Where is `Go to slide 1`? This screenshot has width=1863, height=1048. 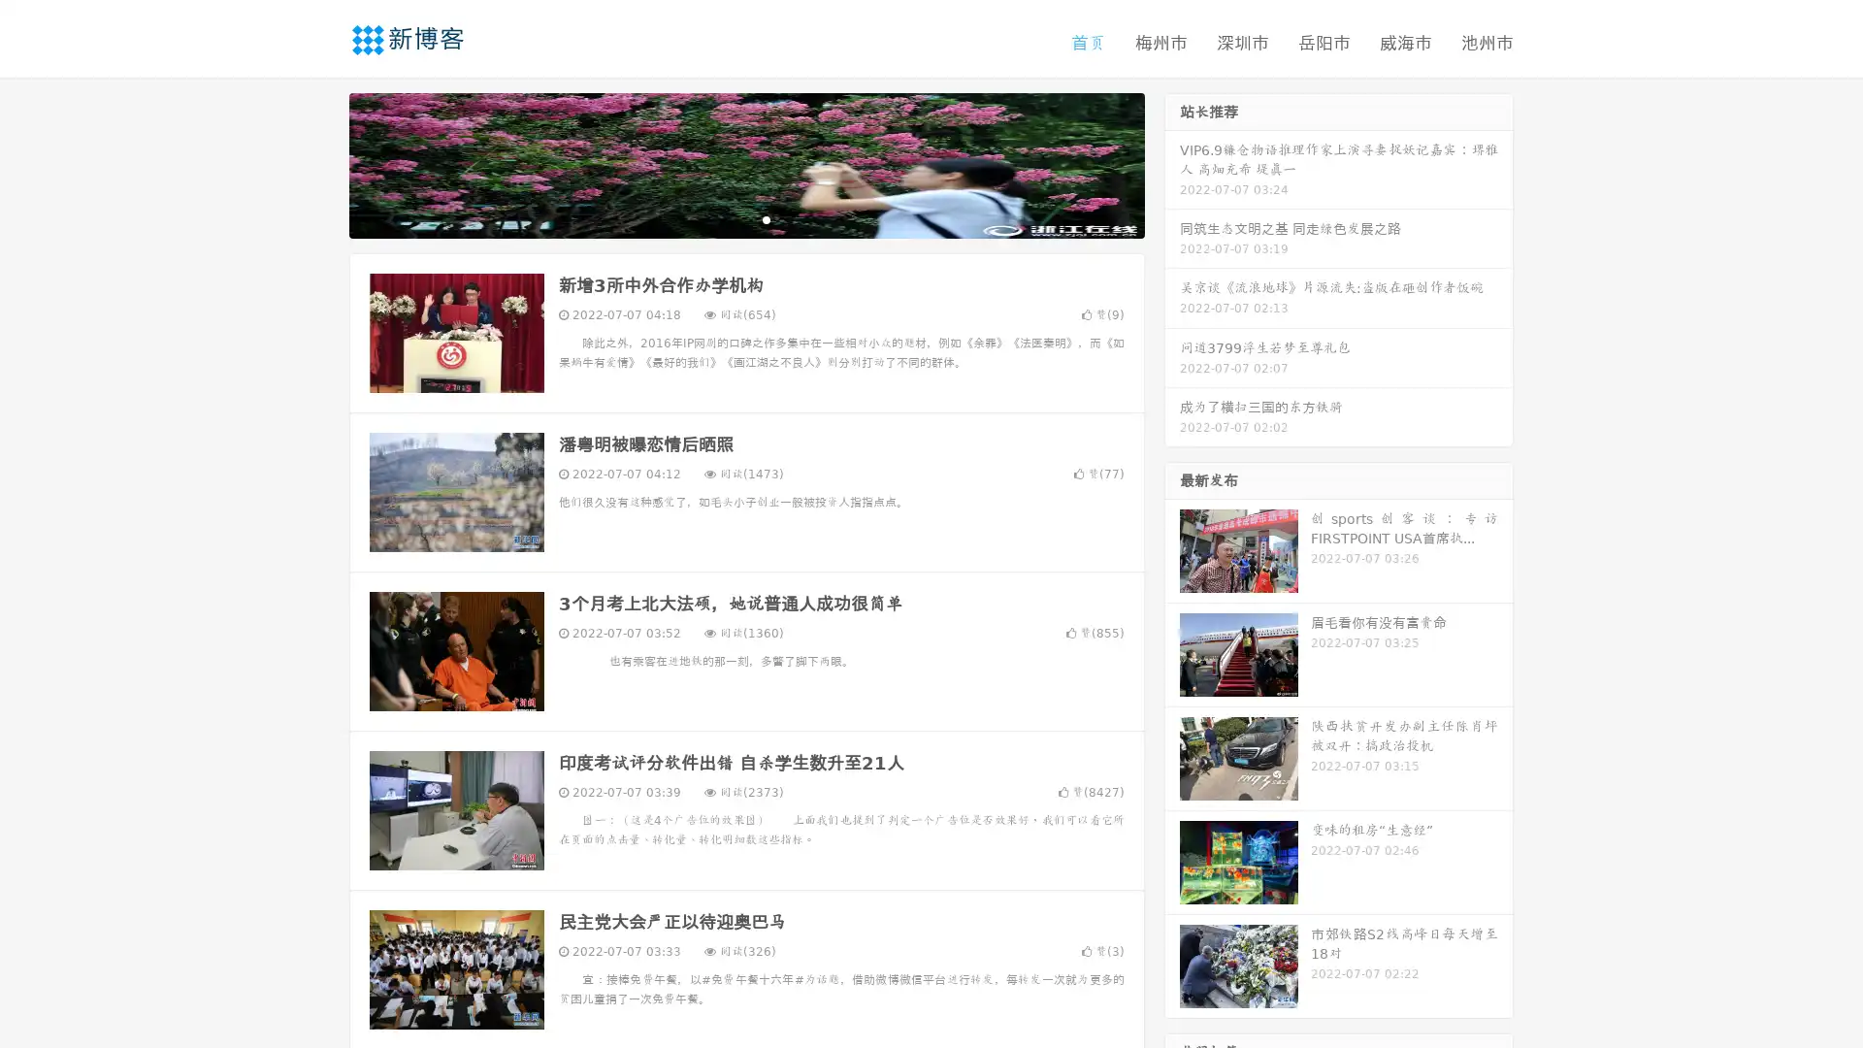
Go to slide 1 is located at coordinates (726, 218).